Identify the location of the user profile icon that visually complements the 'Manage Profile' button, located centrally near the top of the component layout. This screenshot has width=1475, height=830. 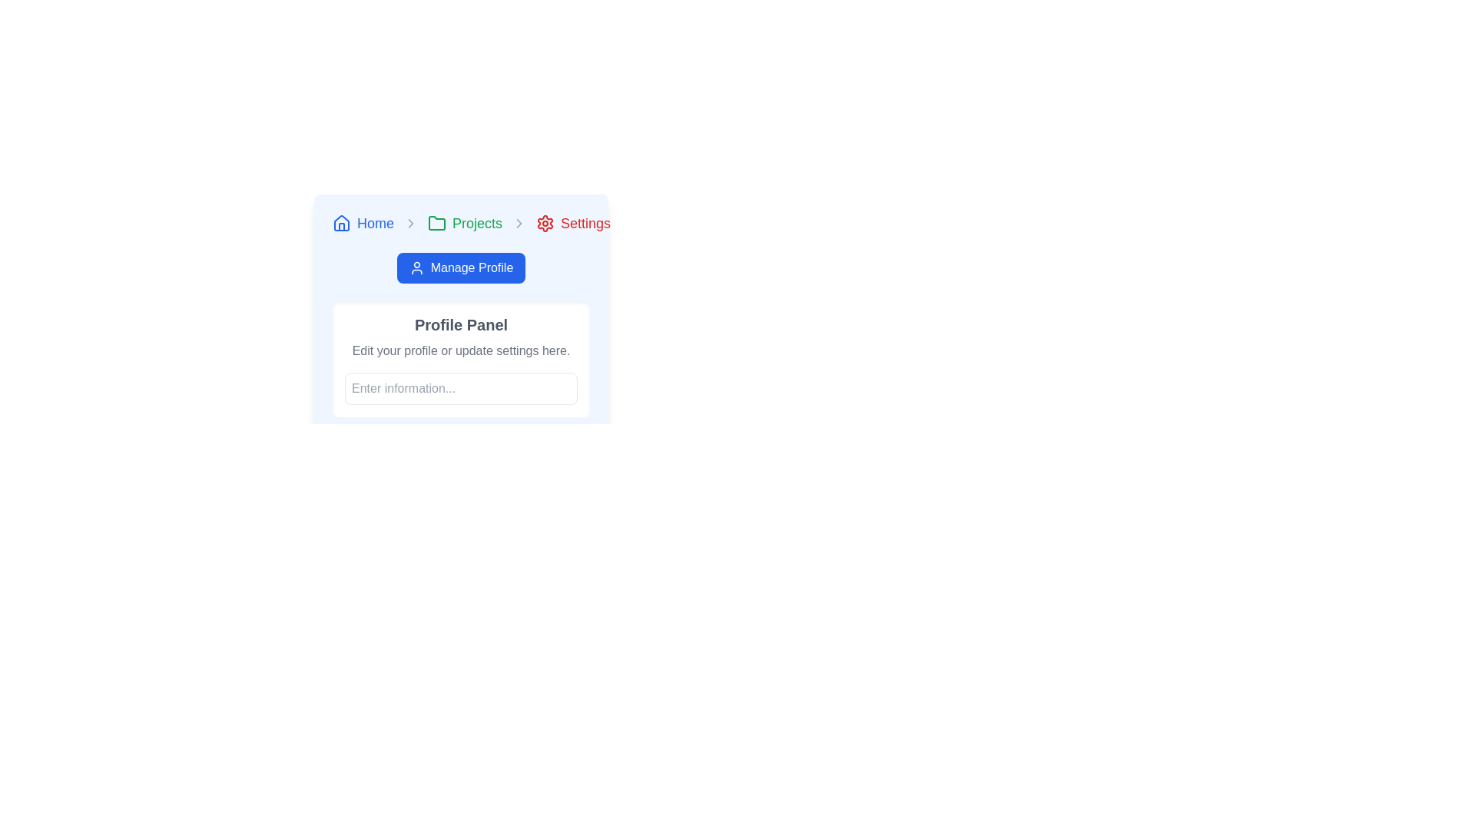
(416, 267).